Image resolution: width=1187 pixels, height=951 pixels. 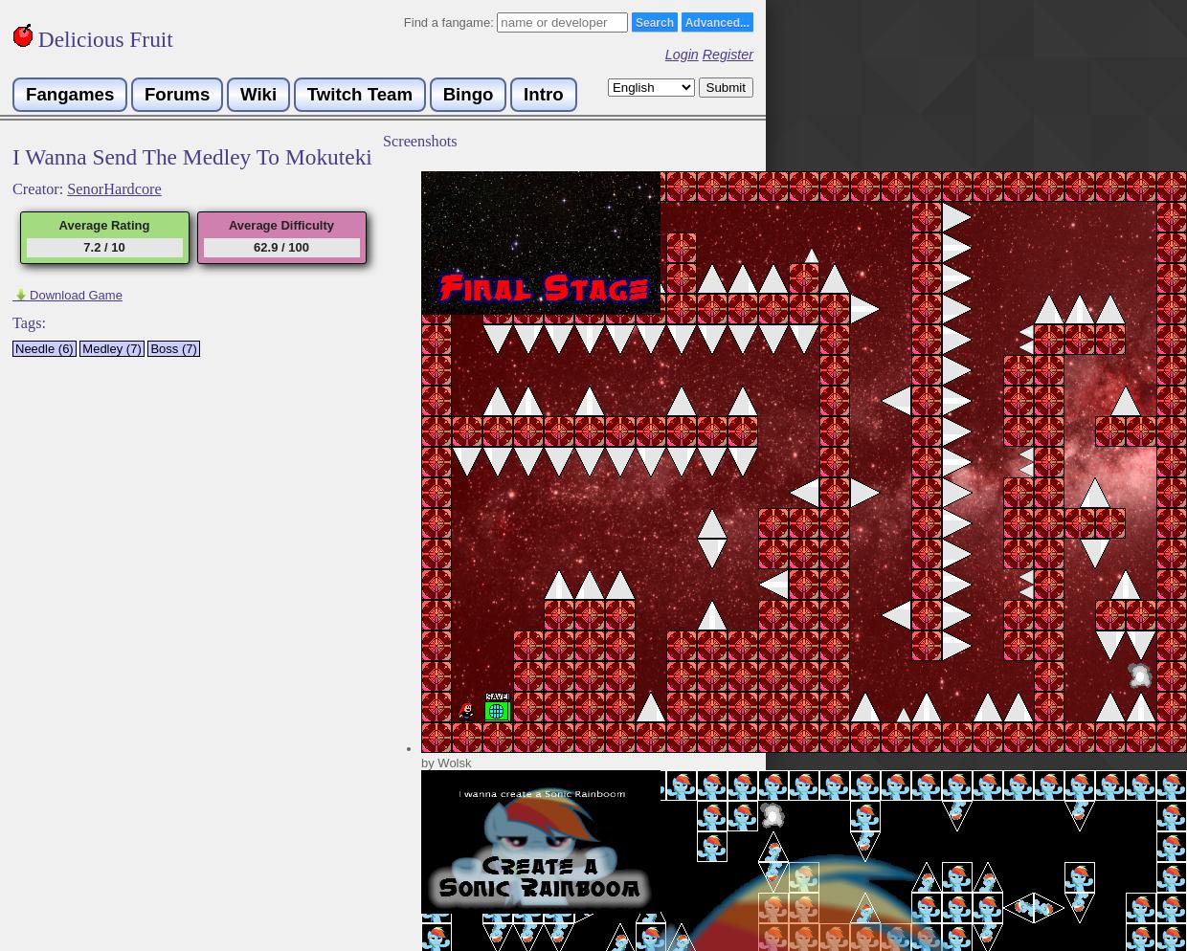 I want to click on 'Needle (6)', so click(x=13, y=348).